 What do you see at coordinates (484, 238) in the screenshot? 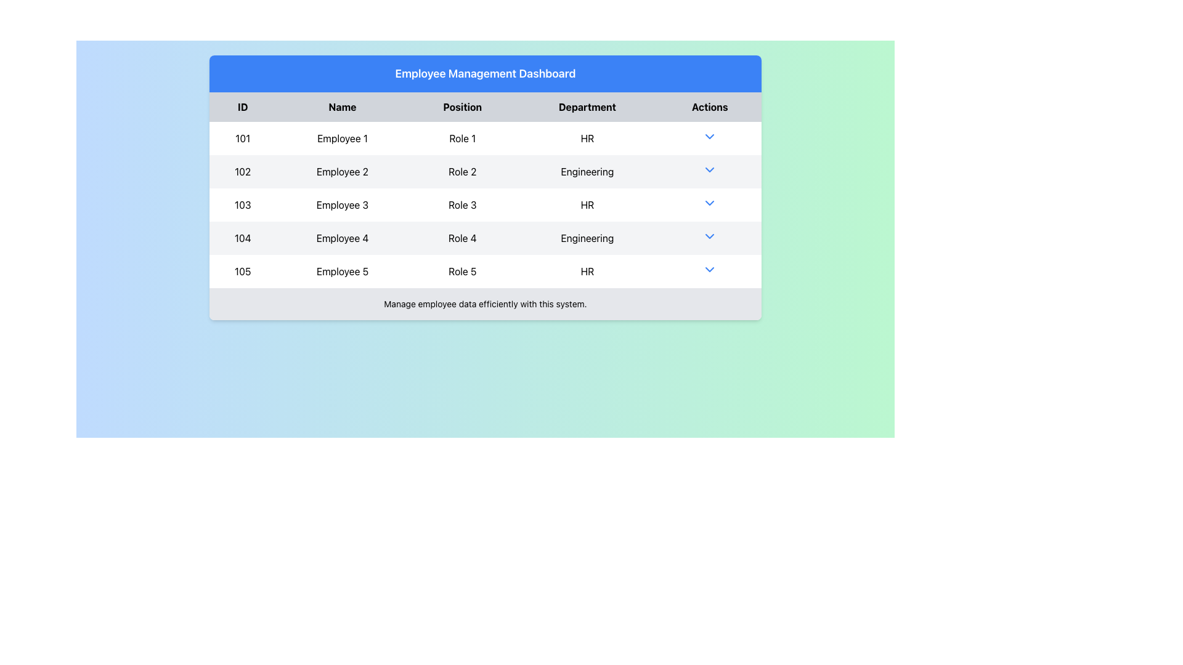
I see `the fourth row in the employee management table` at bounding box center [484, 238].